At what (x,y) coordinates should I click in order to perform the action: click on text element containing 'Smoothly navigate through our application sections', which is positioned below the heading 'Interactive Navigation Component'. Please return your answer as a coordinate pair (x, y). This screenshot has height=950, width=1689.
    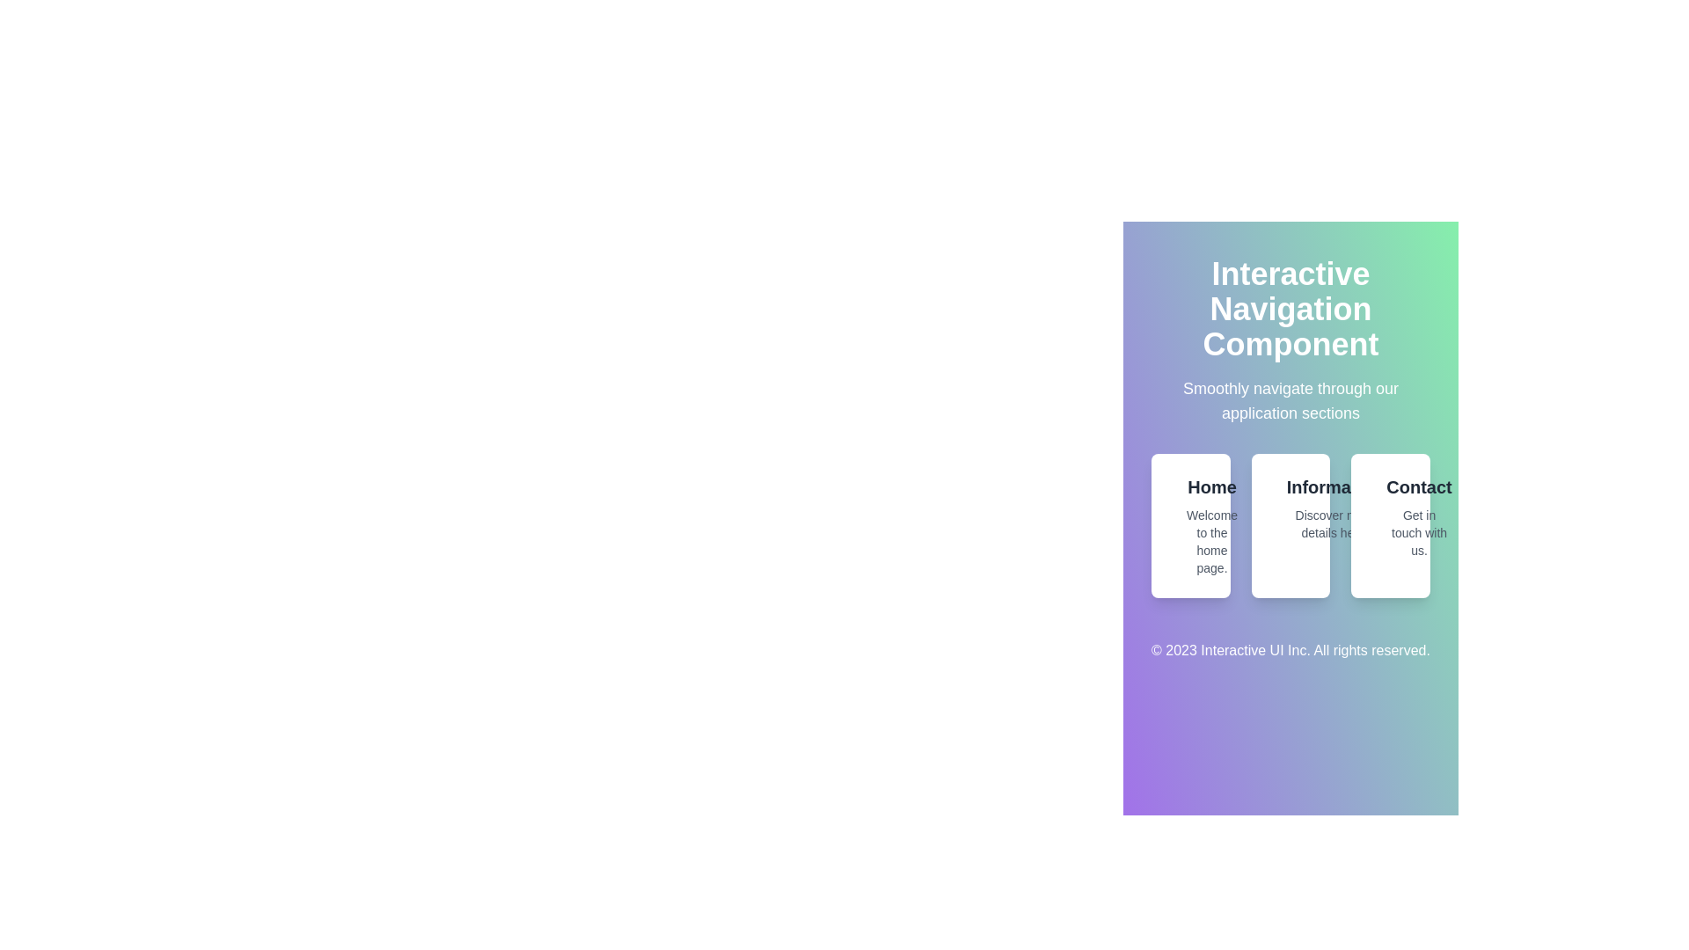
    Looking at the image, I should click on (1291, 400).